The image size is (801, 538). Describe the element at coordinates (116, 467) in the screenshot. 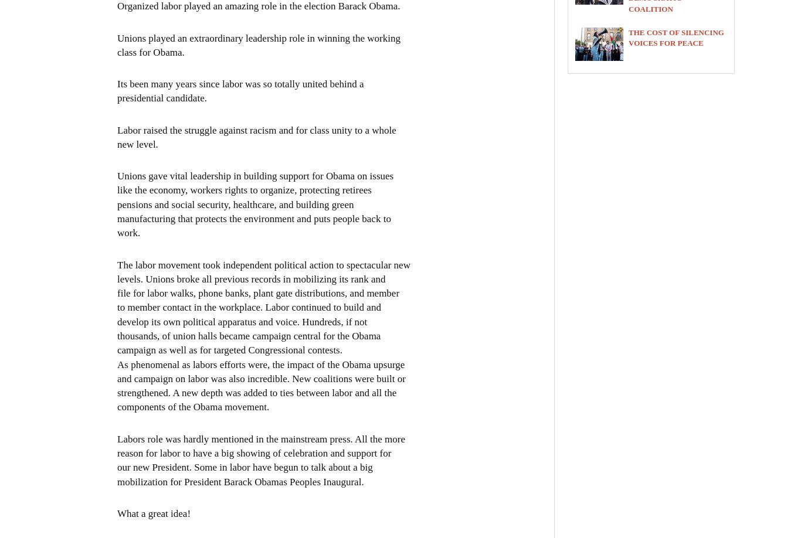

I see `'our new President. Some in labor have begun to talk about a big'` at that location.